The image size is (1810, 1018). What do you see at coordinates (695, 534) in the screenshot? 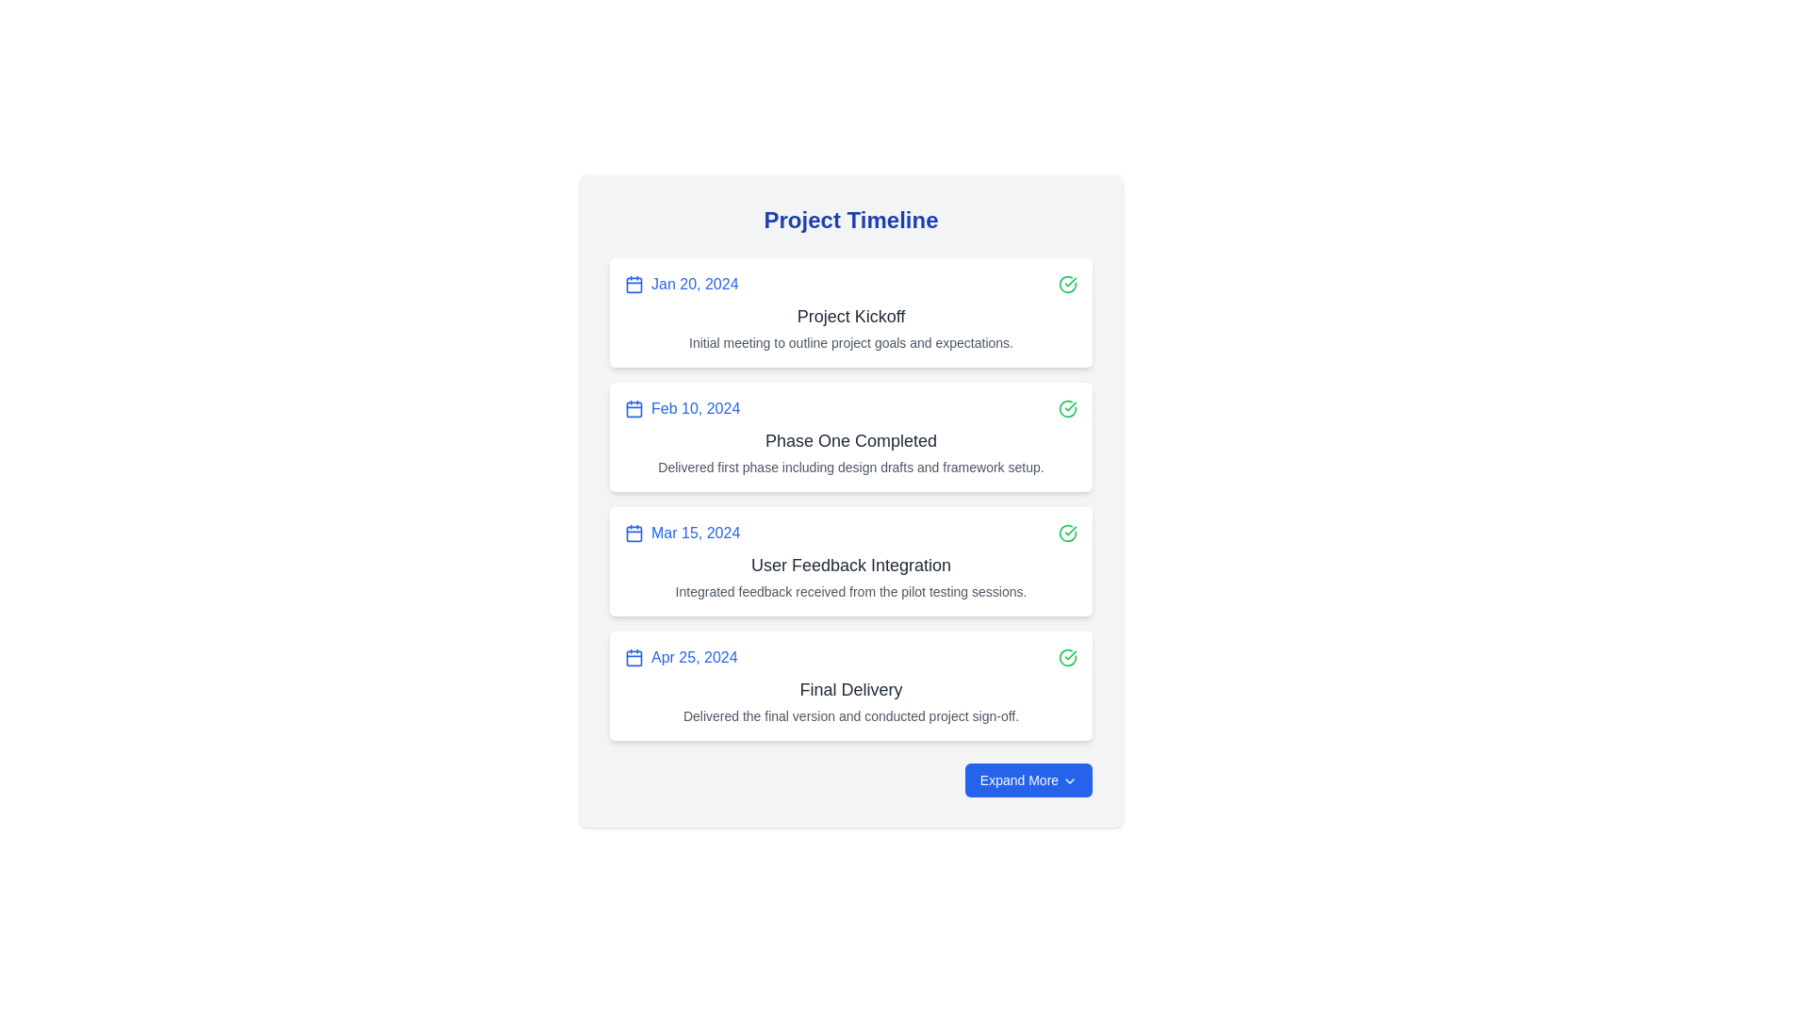
I see `the Text label that displays the date associated with the 'User Feedback Integration' phase in the timeline, located near the calendar icon` at bounding box center [695, 534].